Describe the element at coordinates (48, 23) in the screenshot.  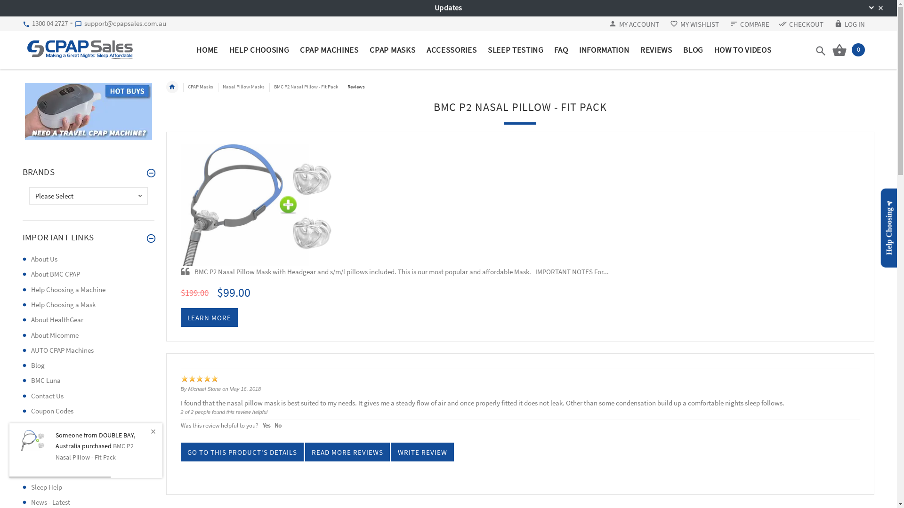
I see `'1300 04 2727'` at that location.